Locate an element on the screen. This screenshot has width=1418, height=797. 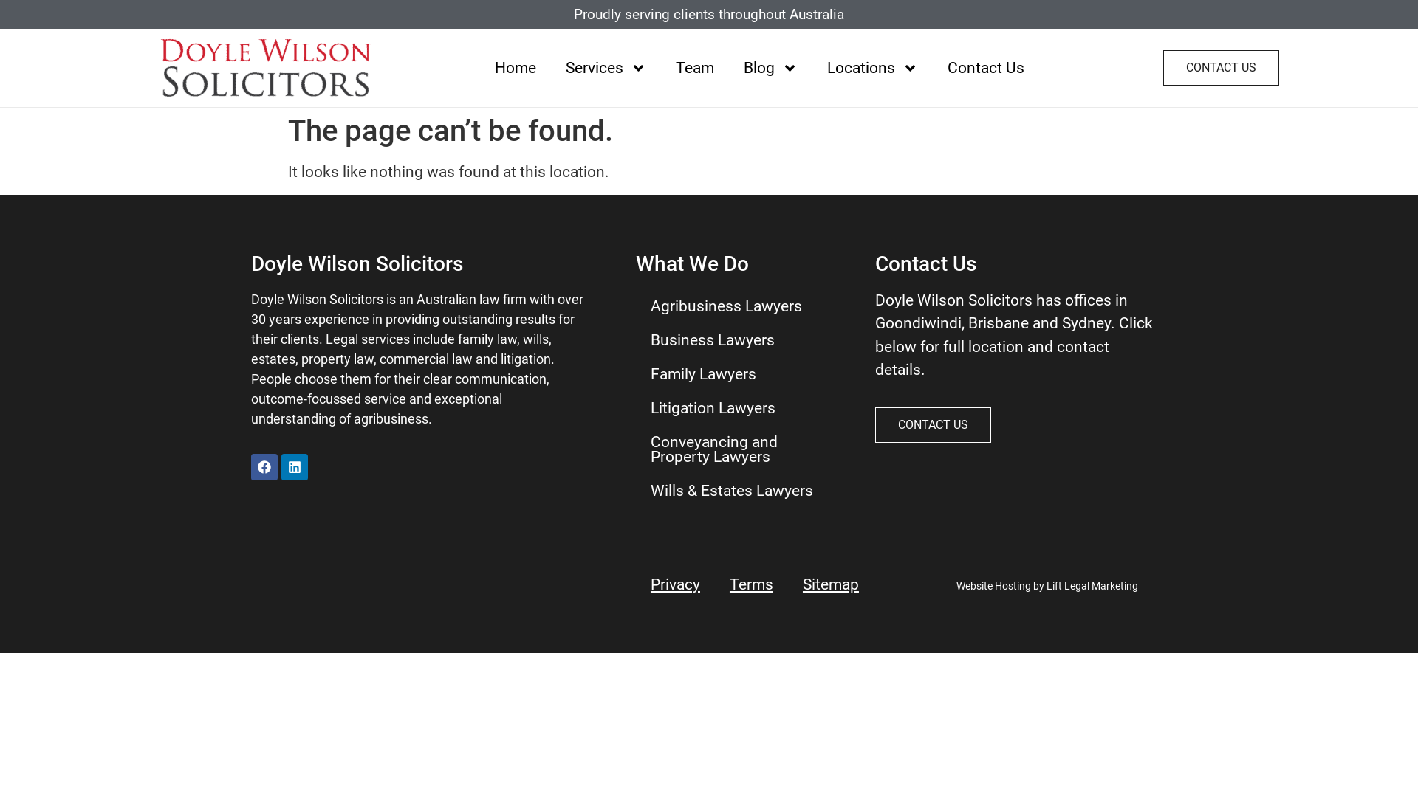
'Family Lawyers' is located at coordinates (741, 373).